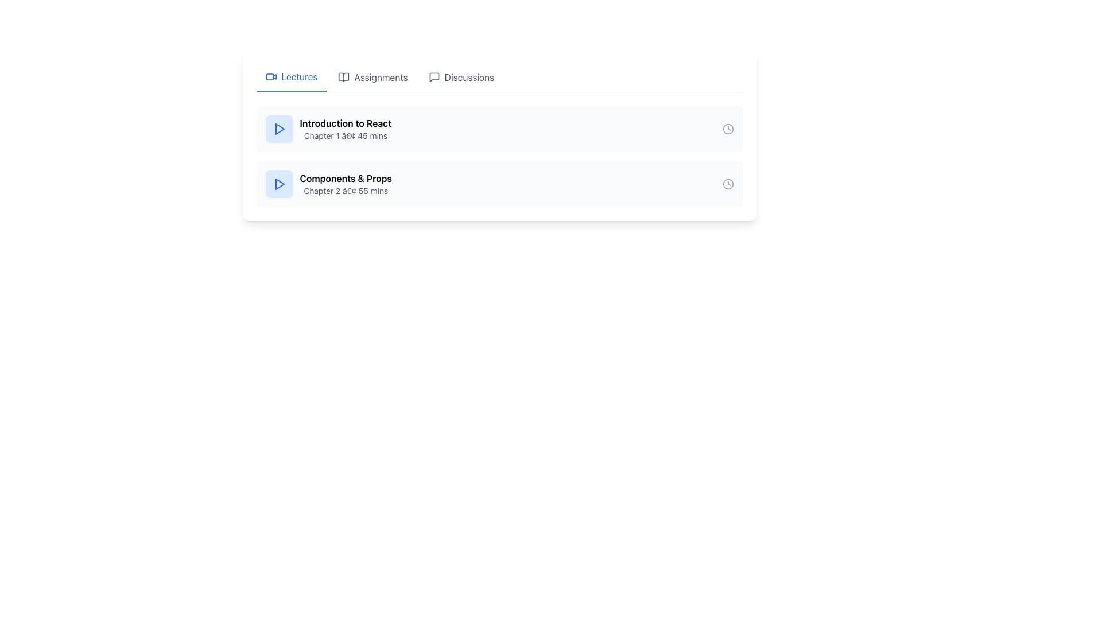  Describe the element at coordinates (345, 129) in the screenshot. I see `the text component displaying the title 'Introduction to React' and subtitle 'Chapter 1 • 45 mins', which is aligned in the first row of a vertical list and is adjacent to a blue circular play icon` at that location.